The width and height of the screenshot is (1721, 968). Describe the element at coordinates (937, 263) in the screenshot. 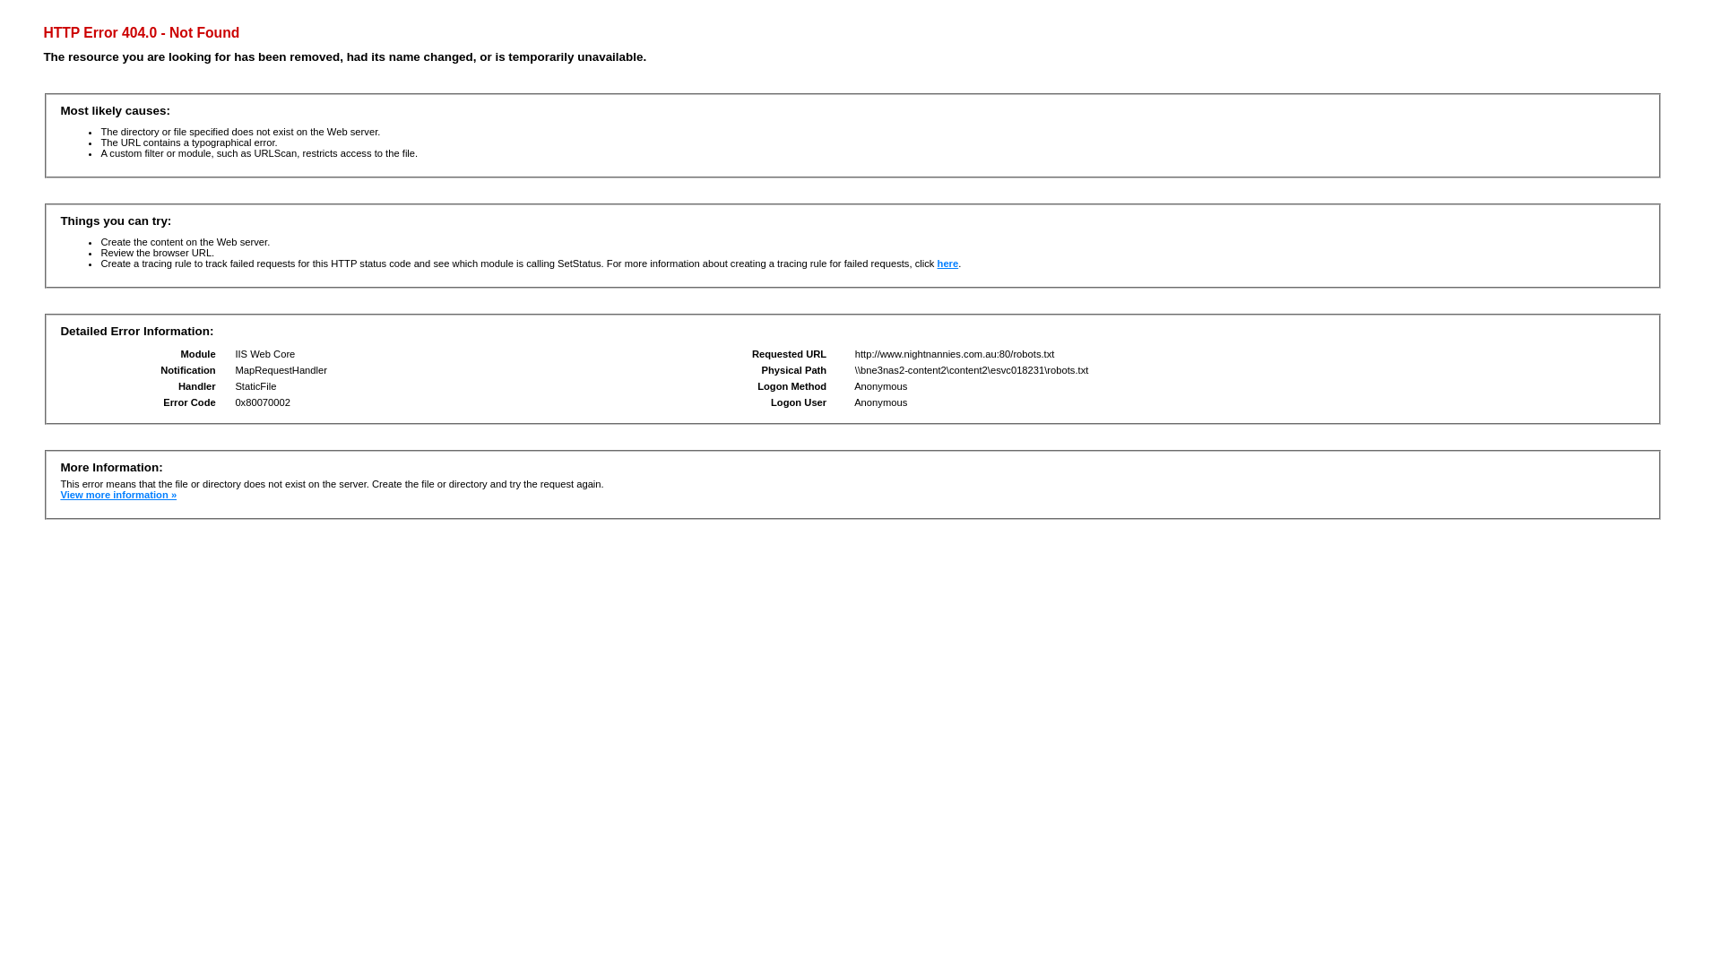

I see `'here'` at that location.